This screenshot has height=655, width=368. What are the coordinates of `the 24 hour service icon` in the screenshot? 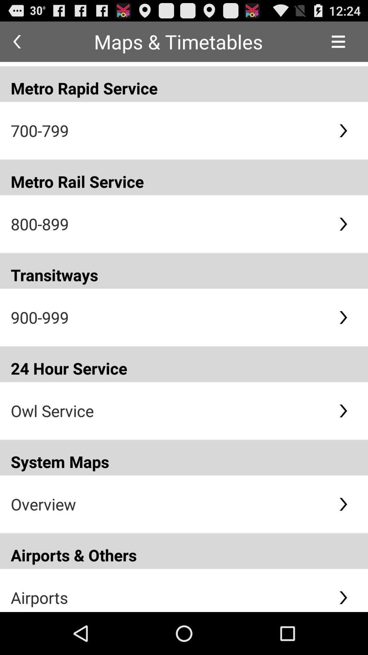 It's located at (184, 364).